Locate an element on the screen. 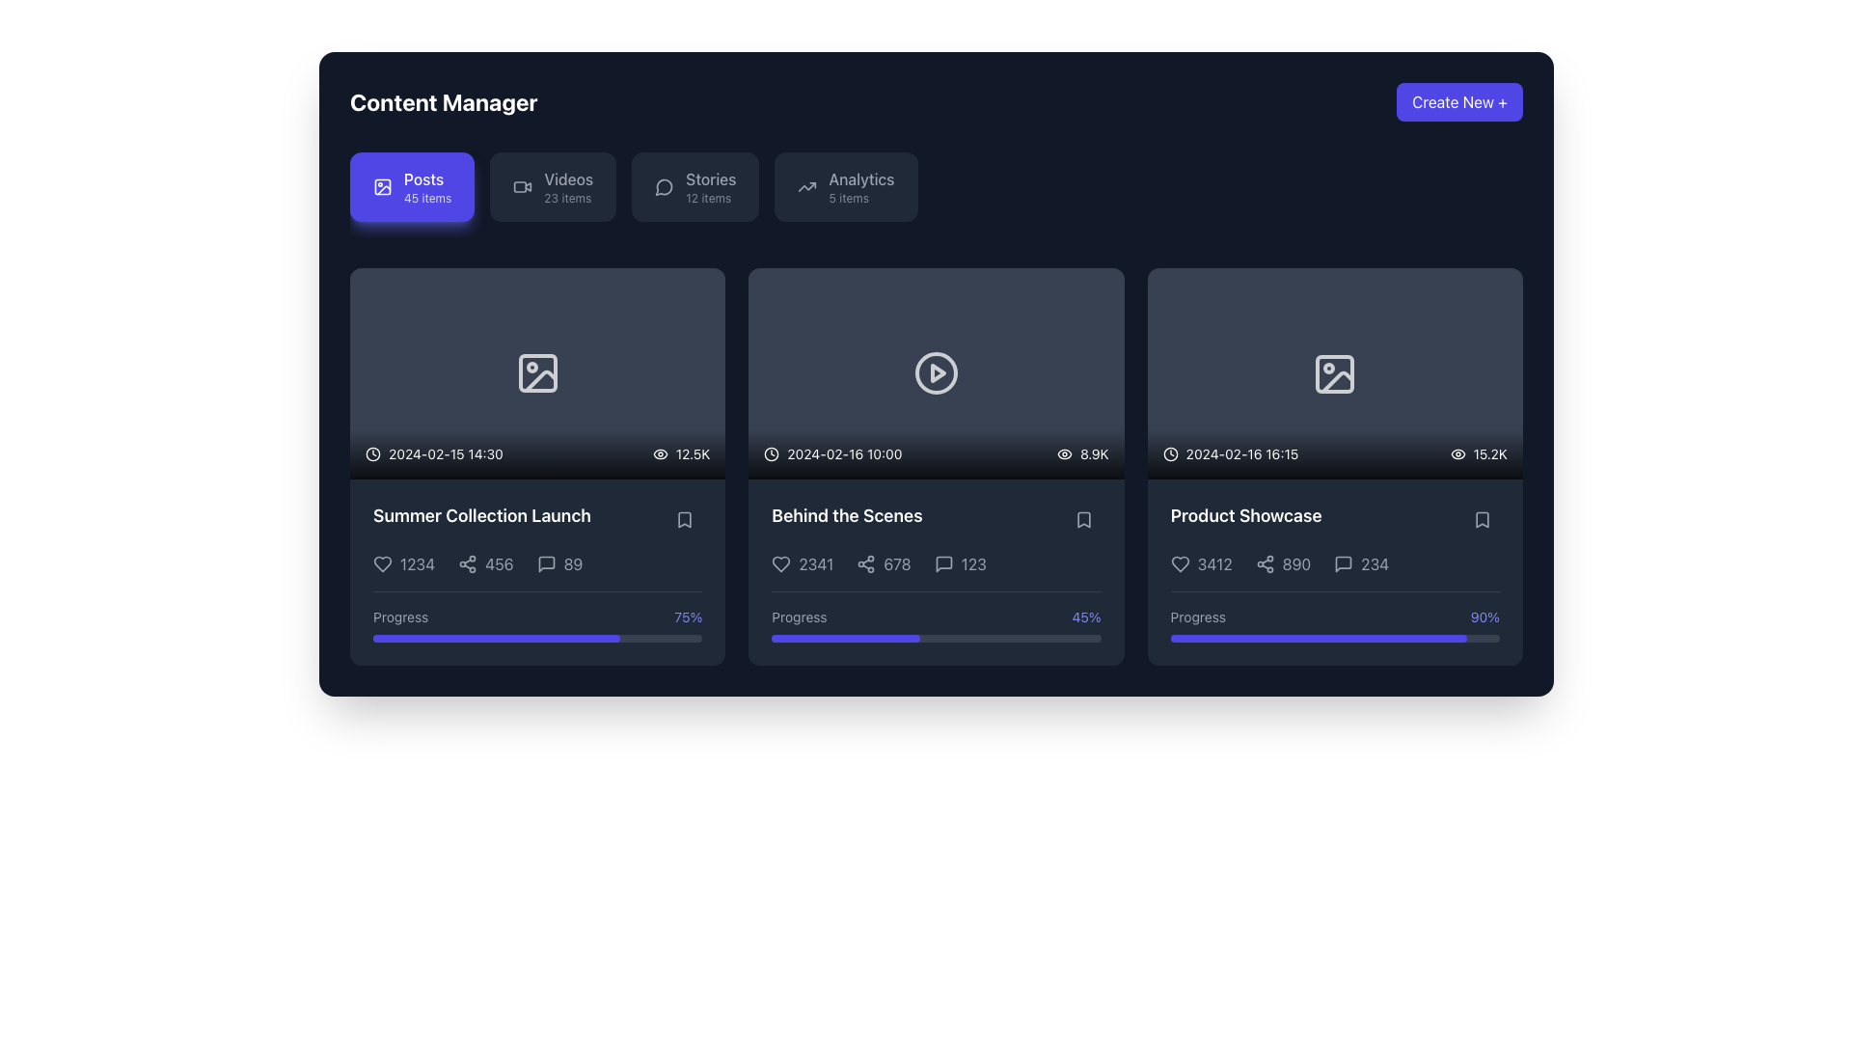 This screenshot has width=1852, height=1042. the progress visually of the progress indicator located in the middle card of the three-card layout, positioned towards the bottom below the metrics for shares and comments is located at coordinates (936, 617).